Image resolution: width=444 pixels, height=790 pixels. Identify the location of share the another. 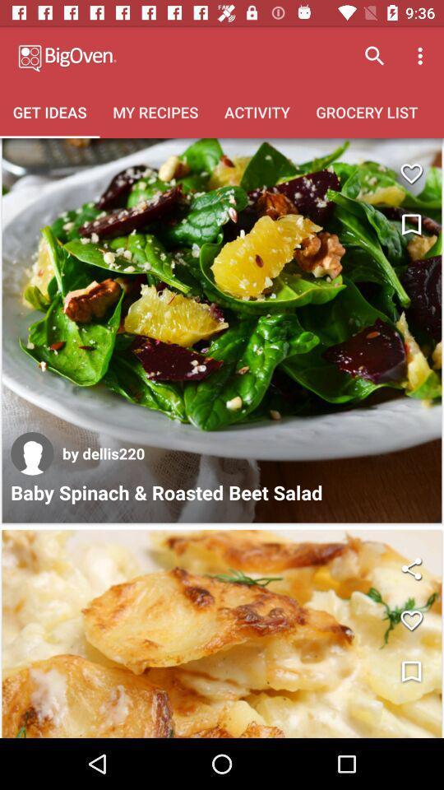
(410, 569).